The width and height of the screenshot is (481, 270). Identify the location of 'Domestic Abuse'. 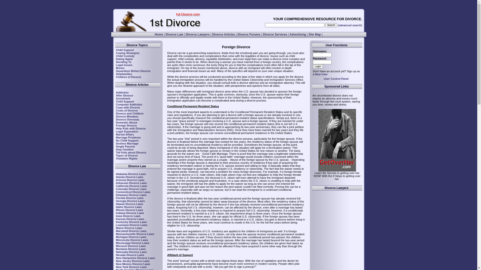
(126, 122).